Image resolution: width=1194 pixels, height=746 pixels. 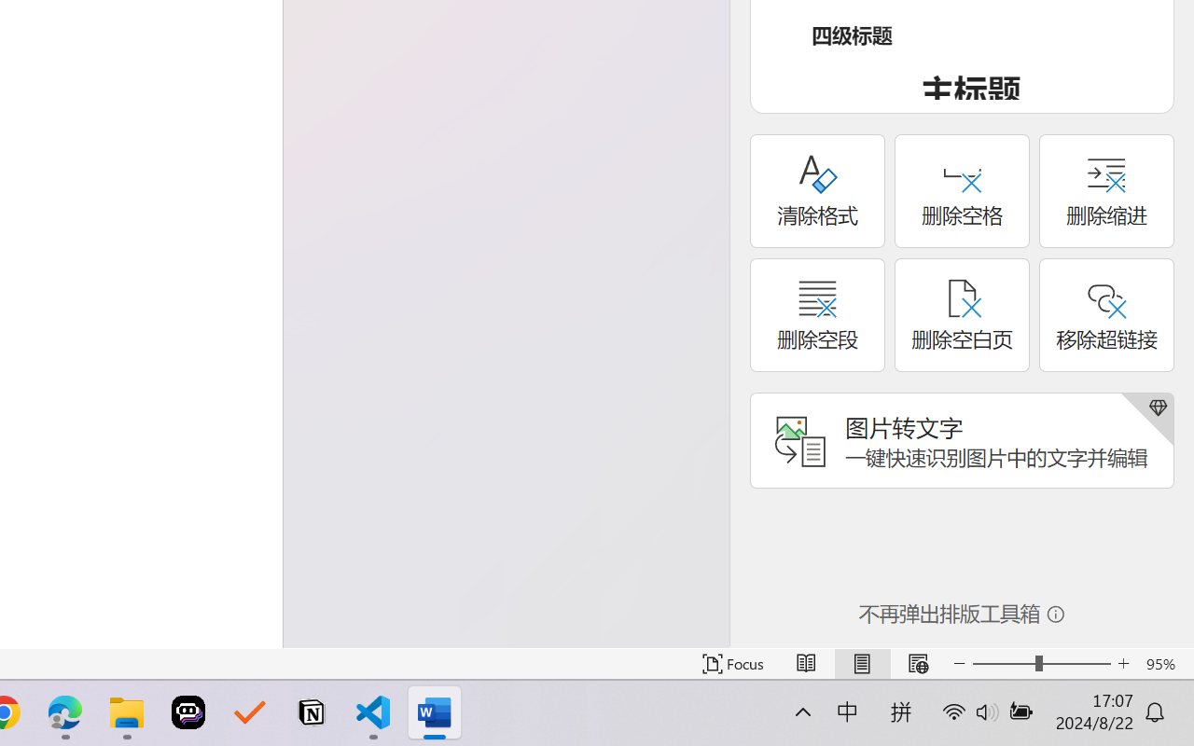 What do you see at coordinates (1164, 663) in the screenshot?
I see `'Zoom 95%'` at bounding box center [1164, 663].